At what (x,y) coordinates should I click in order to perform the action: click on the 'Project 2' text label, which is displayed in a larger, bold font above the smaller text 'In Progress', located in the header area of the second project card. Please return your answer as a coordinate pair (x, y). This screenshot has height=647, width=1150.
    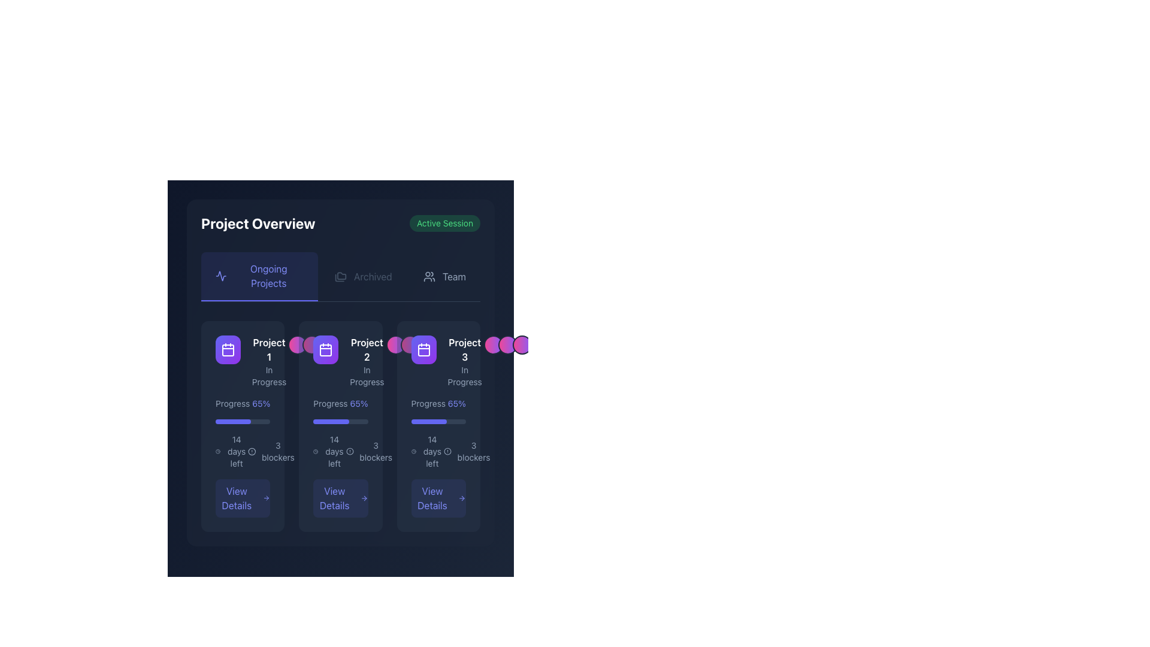
    Looking at the image, I should click on (366, 361).